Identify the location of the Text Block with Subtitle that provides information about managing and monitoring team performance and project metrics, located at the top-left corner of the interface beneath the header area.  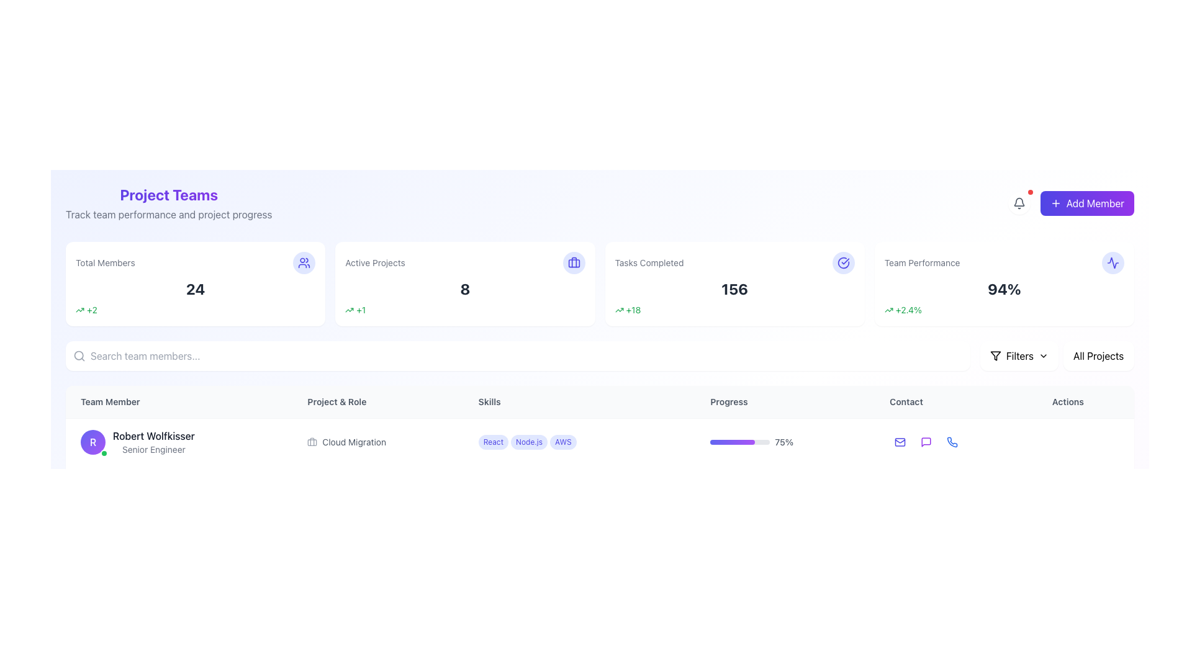
(168, 202).